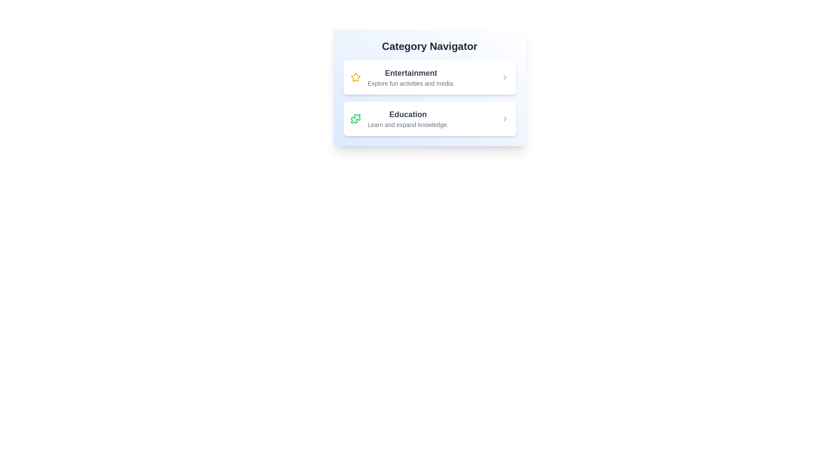 This screenshot has width=828, height=465. I want to click on the green puzzle-shaped icon associated with the Education section in the Category Navigator interface to interact indirectly with that section, so click(355, 119).